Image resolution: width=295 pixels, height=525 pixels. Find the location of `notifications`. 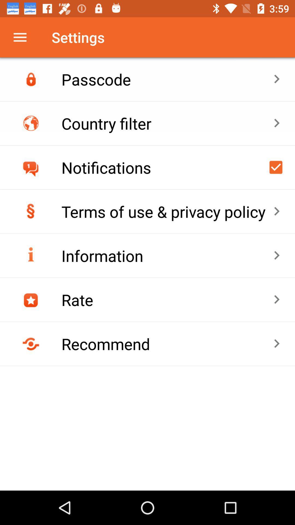

notifications is located at coordinates (276, 167).